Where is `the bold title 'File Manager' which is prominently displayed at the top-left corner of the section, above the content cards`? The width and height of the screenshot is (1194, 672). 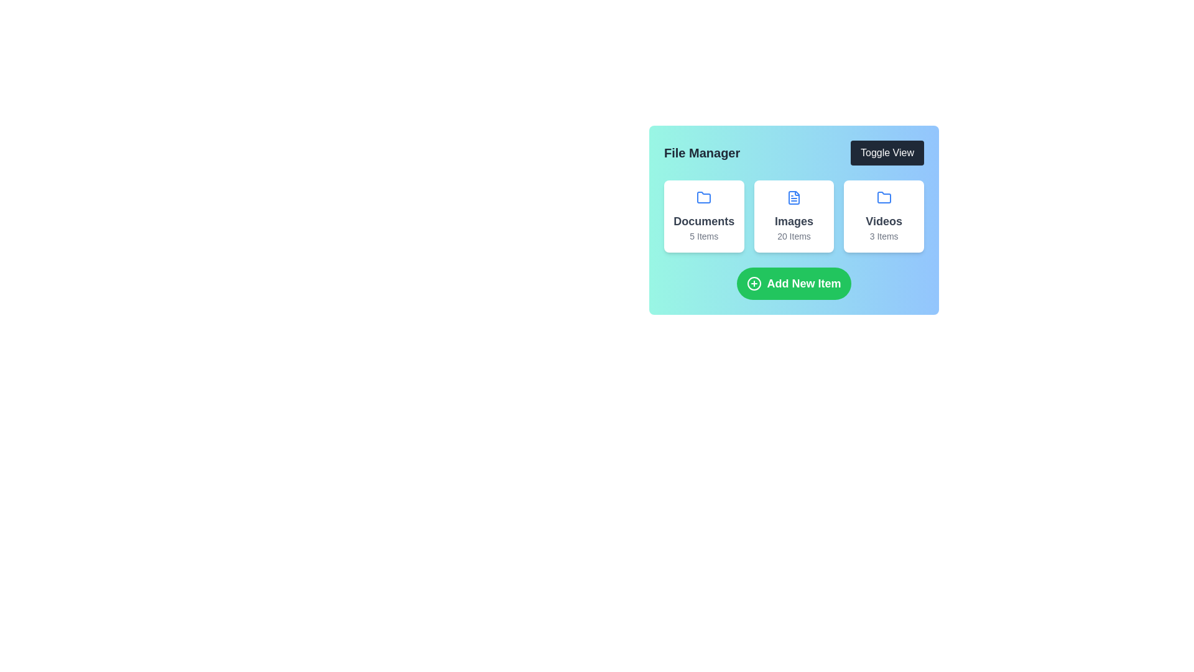
the bold title 'File Manager' which is prominently displayed at the top-left corner of the section, above the content cards is located at coordinates (702, 152).